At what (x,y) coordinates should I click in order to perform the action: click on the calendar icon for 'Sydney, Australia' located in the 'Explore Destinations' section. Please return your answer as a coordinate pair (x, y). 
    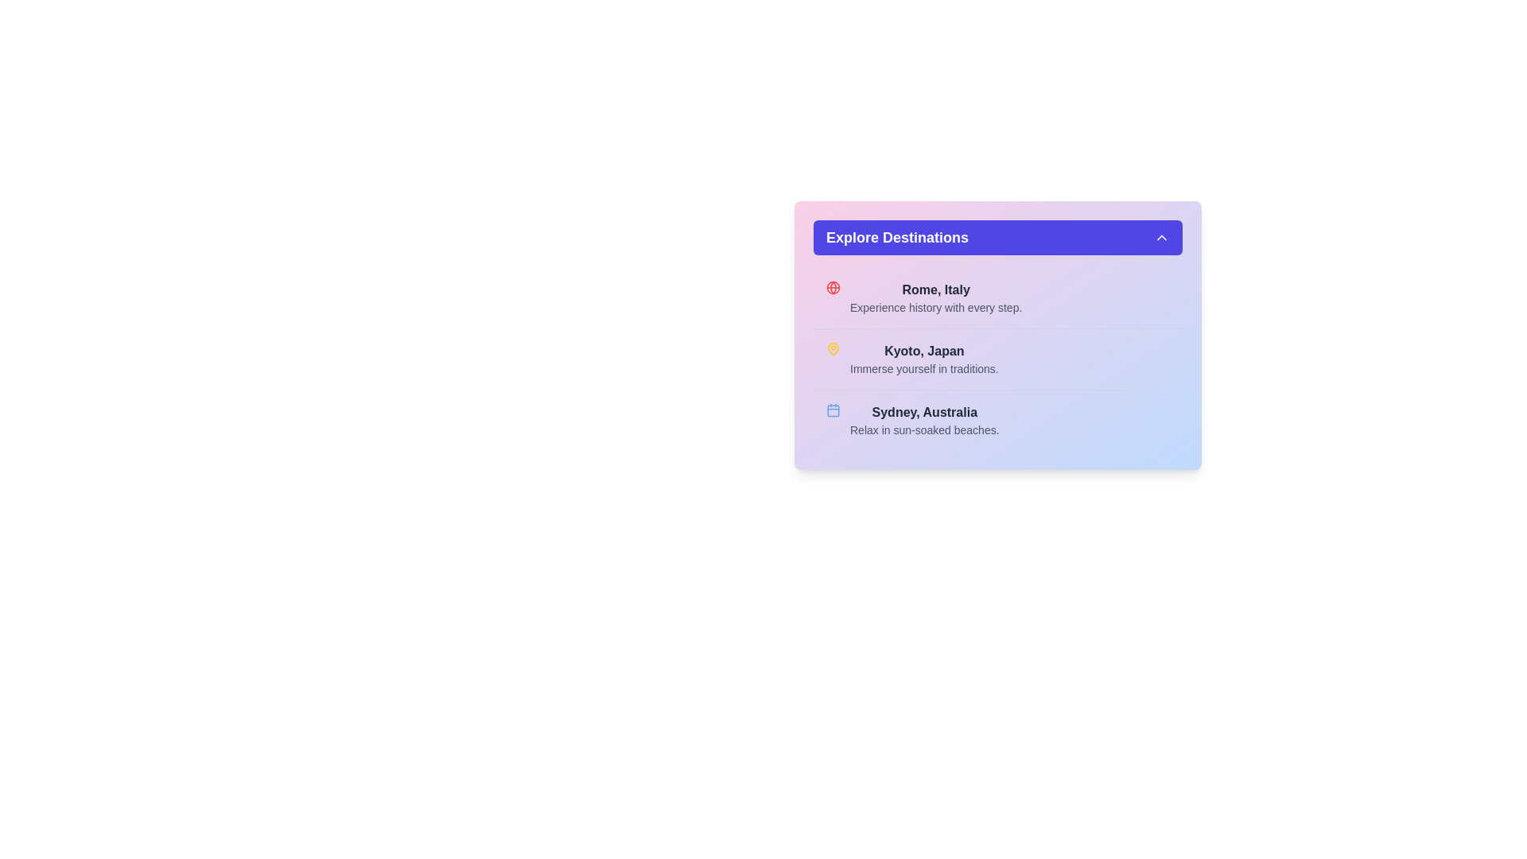
    Looking at the image, I should click on (832, 410).